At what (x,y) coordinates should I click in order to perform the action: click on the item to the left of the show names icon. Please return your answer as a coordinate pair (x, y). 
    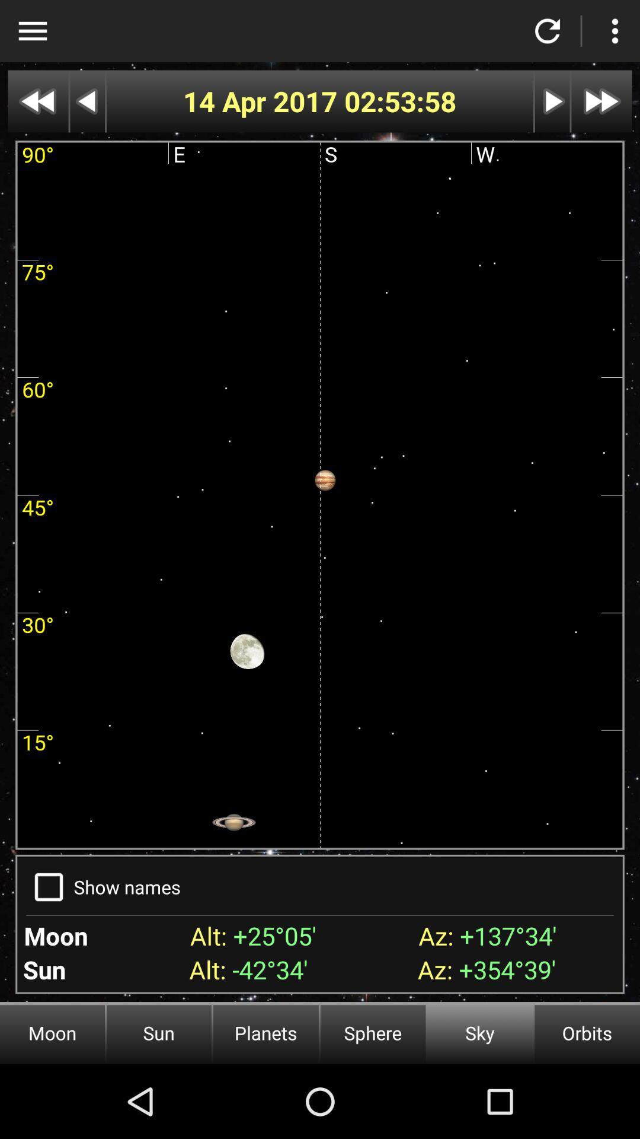
    Looking at the image, I should click on (48, 887).